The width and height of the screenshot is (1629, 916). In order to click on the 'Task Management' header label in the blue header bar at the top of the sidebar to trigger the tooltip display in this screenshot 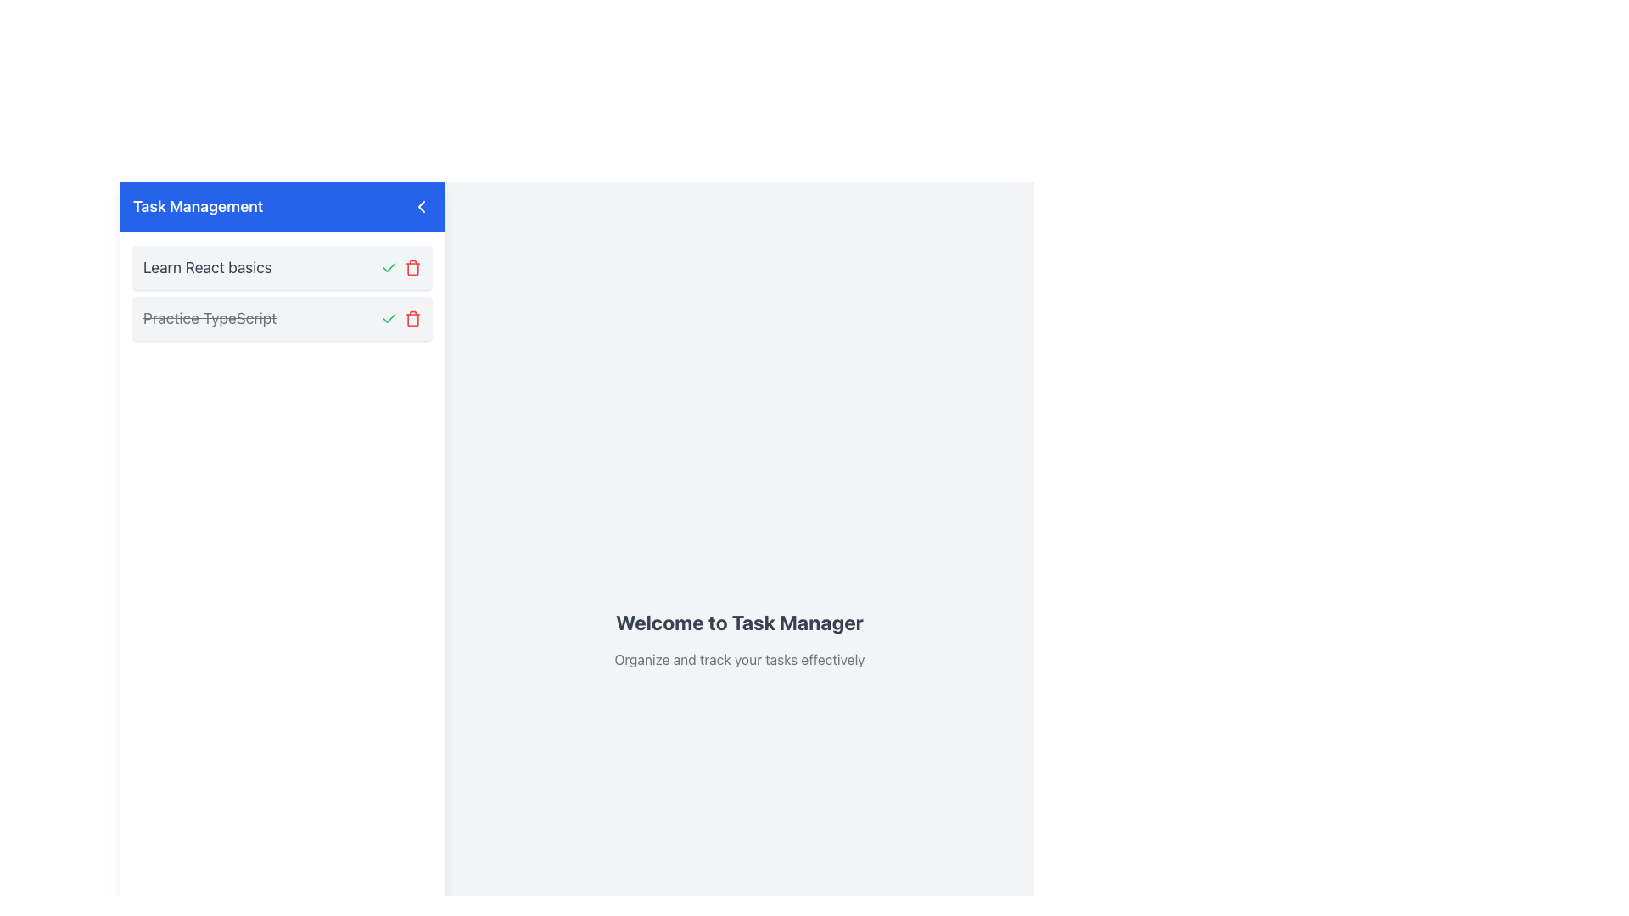, I will do `click(198, 205)`.